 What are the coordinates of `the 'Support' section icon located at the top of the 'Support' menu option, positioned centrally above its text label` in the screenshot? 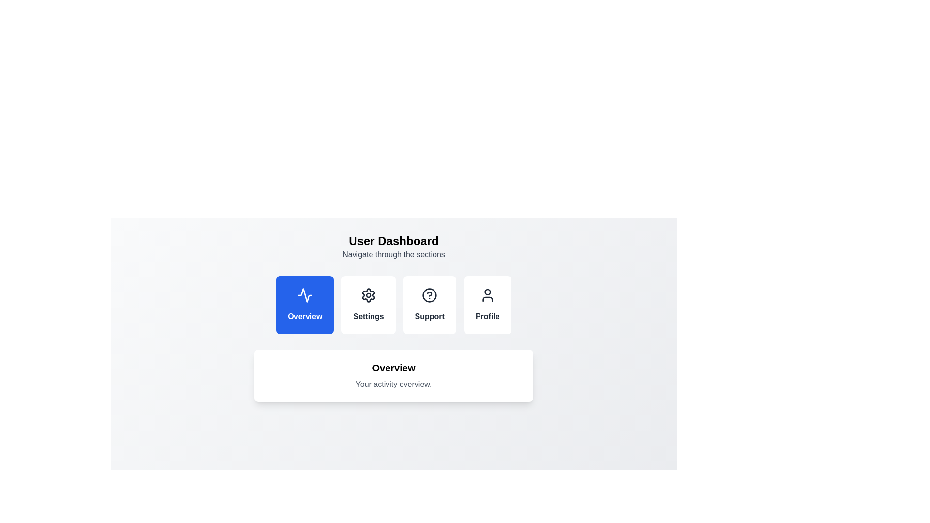 It's located at (429, 294).